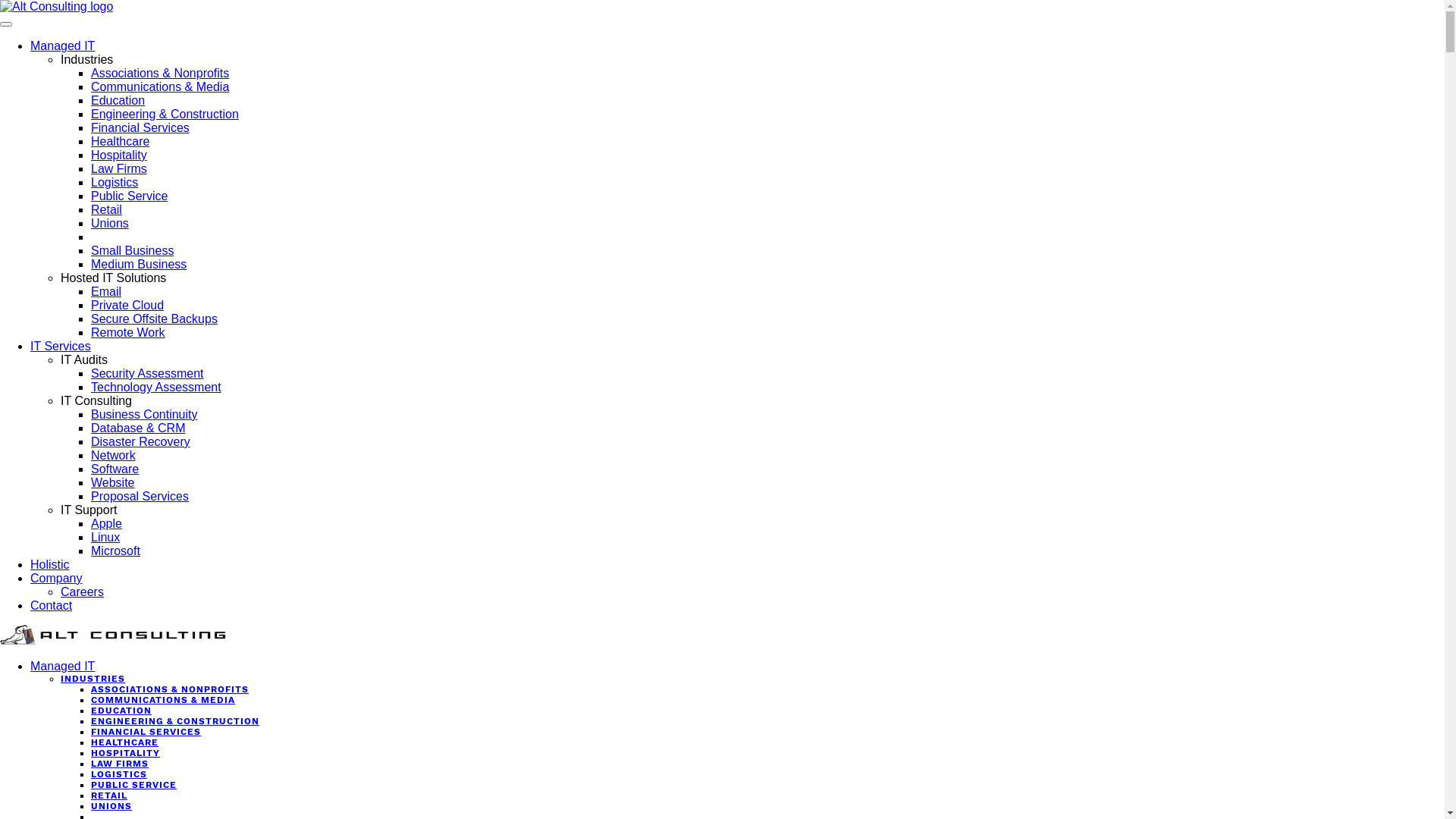 This screenshot has width=1456, height=819. Describe the element at coordinates (55, 578) in the screenshot. I see `'Company'` at that location.